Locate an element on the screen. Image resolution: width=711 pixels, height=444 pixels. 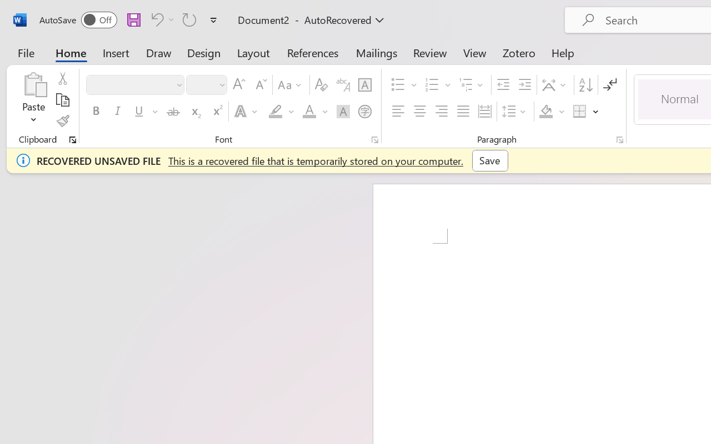
'Superscript' is located at coordinates (217, 112).